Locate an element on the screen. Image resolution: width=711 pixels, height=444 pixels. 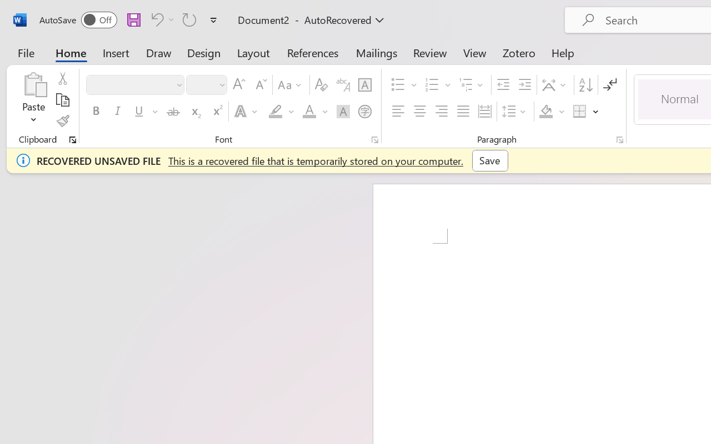
'Superscript' is located at coordinates (217, 112).